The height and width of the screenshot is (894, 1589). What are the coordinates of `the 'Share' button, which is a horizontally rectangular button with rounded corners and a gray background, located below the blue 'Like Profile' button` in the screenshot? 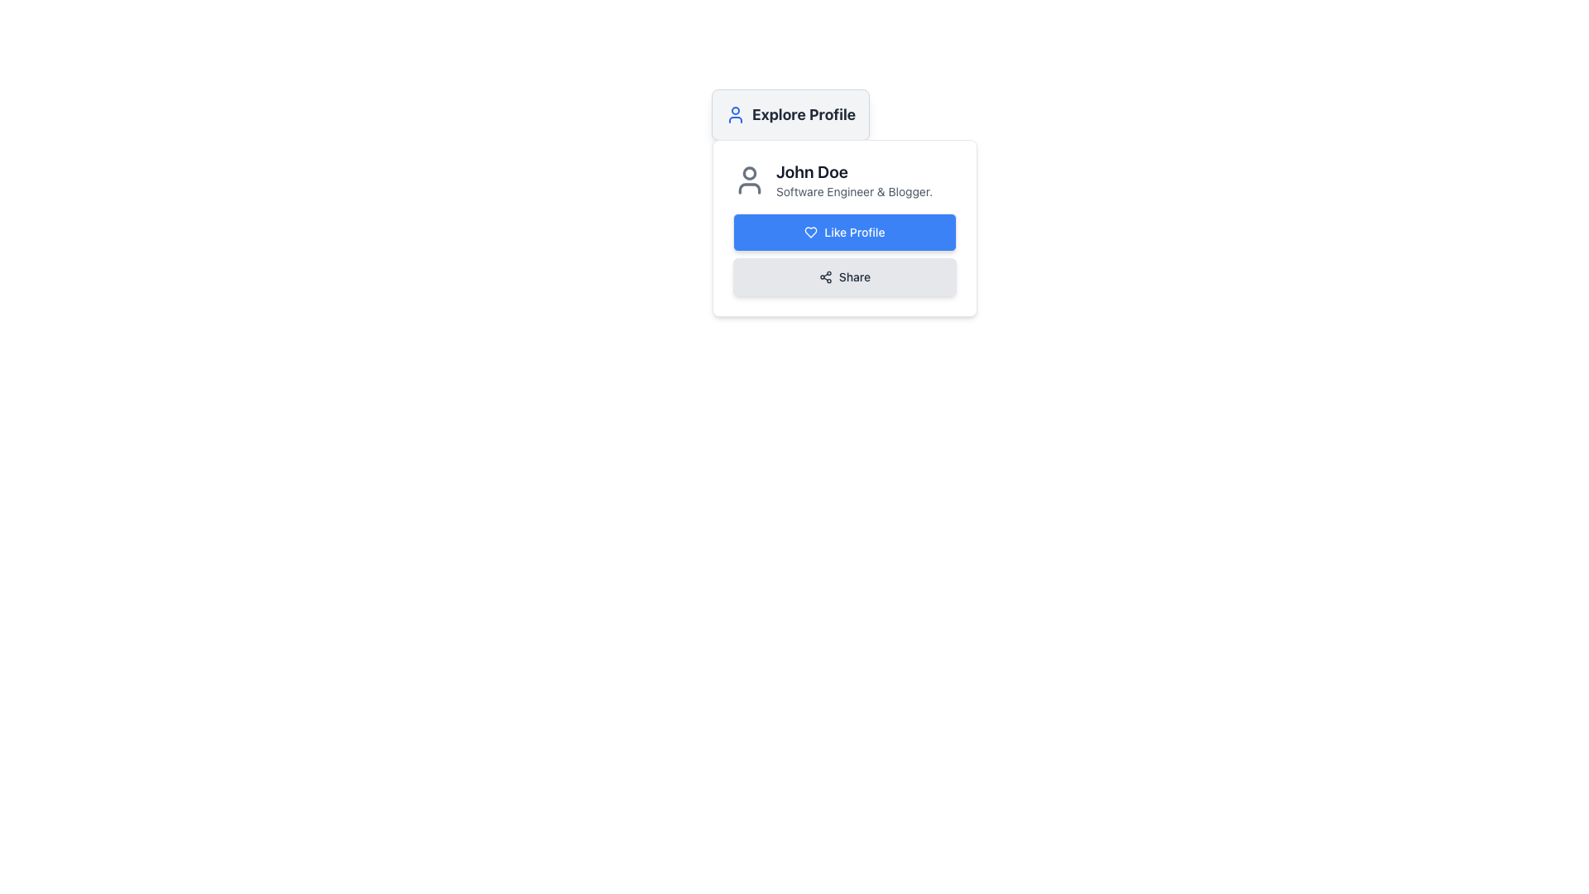 It's located at (844, 276).